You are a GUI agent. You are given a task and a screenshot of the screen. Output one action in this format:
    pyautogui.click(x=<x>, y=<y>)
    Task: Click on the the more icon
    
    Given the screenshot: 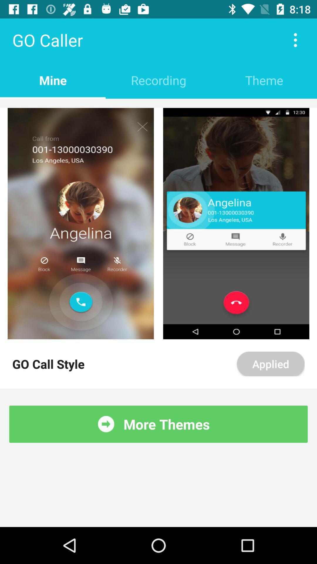 What is the action you would take?
    pyautogui.click(x=295, y=40)
    